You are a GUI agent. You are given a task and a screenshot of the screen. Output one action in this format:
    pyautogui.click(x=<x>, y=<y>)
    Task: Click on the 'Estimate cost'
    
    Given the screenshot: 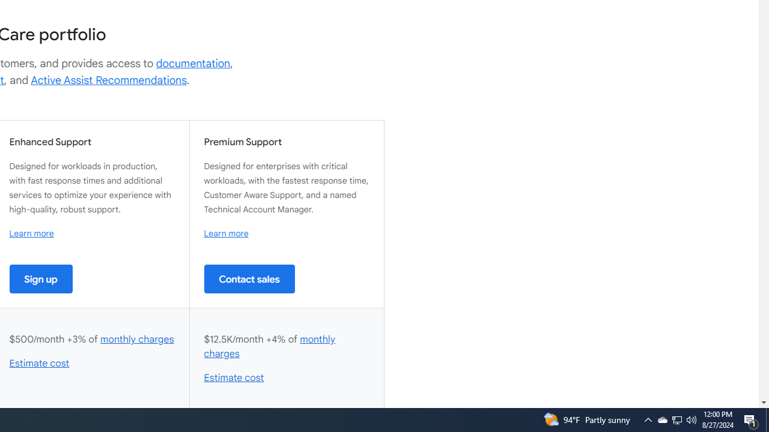 What is the action you would take?
    pyautogui.click(x=234, y=378)
    